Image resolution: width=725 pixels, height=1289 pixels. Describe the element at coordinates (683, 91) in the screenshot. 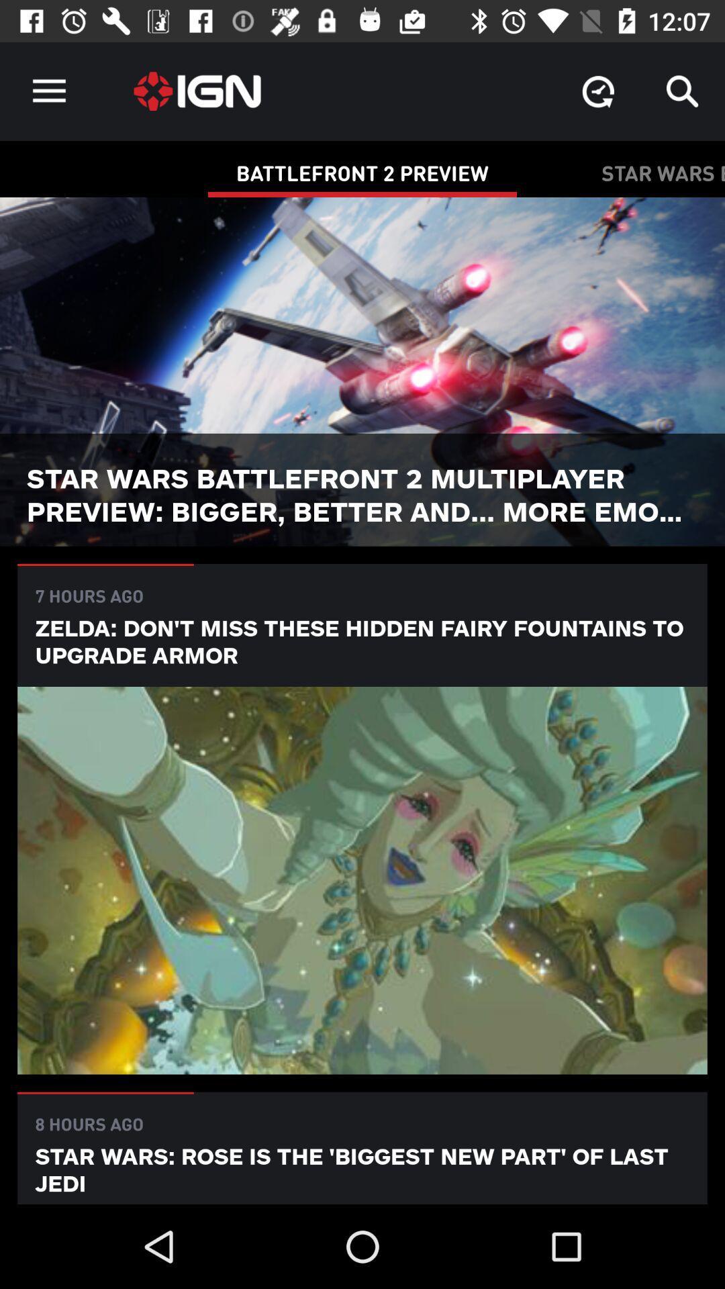

I see `app above the star wars battlefront ... item` at that location.